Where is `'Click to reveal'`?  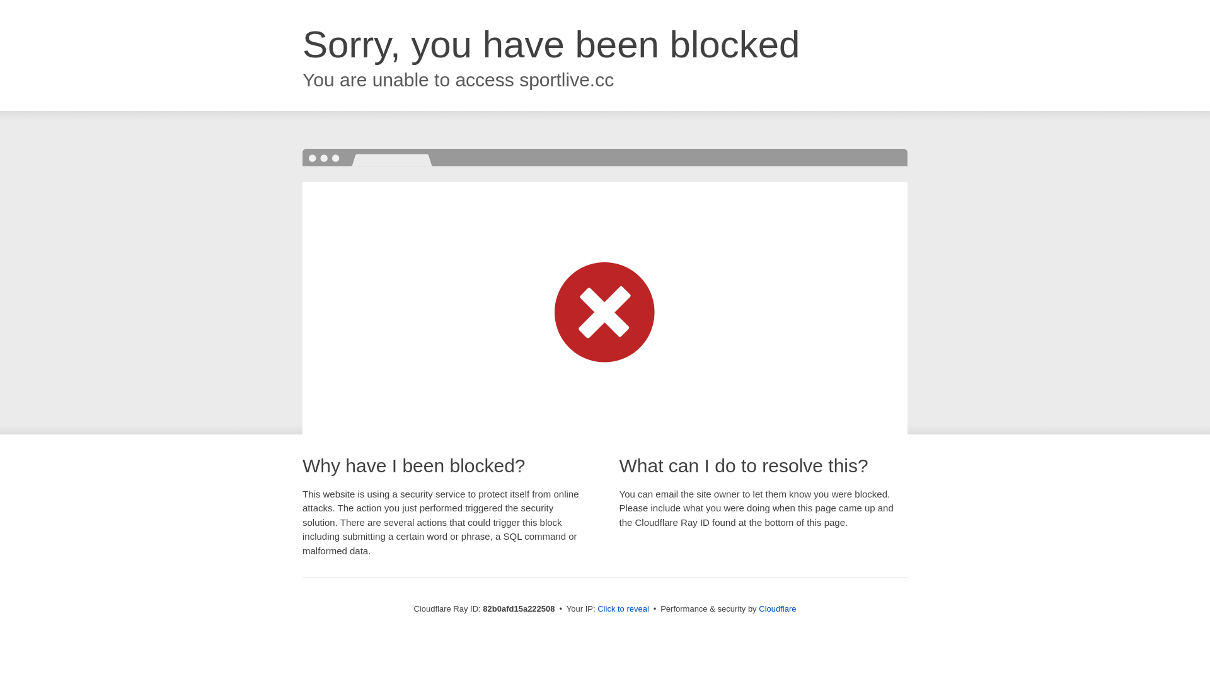
'Click to reveal' is located at coordinates (623, 608).